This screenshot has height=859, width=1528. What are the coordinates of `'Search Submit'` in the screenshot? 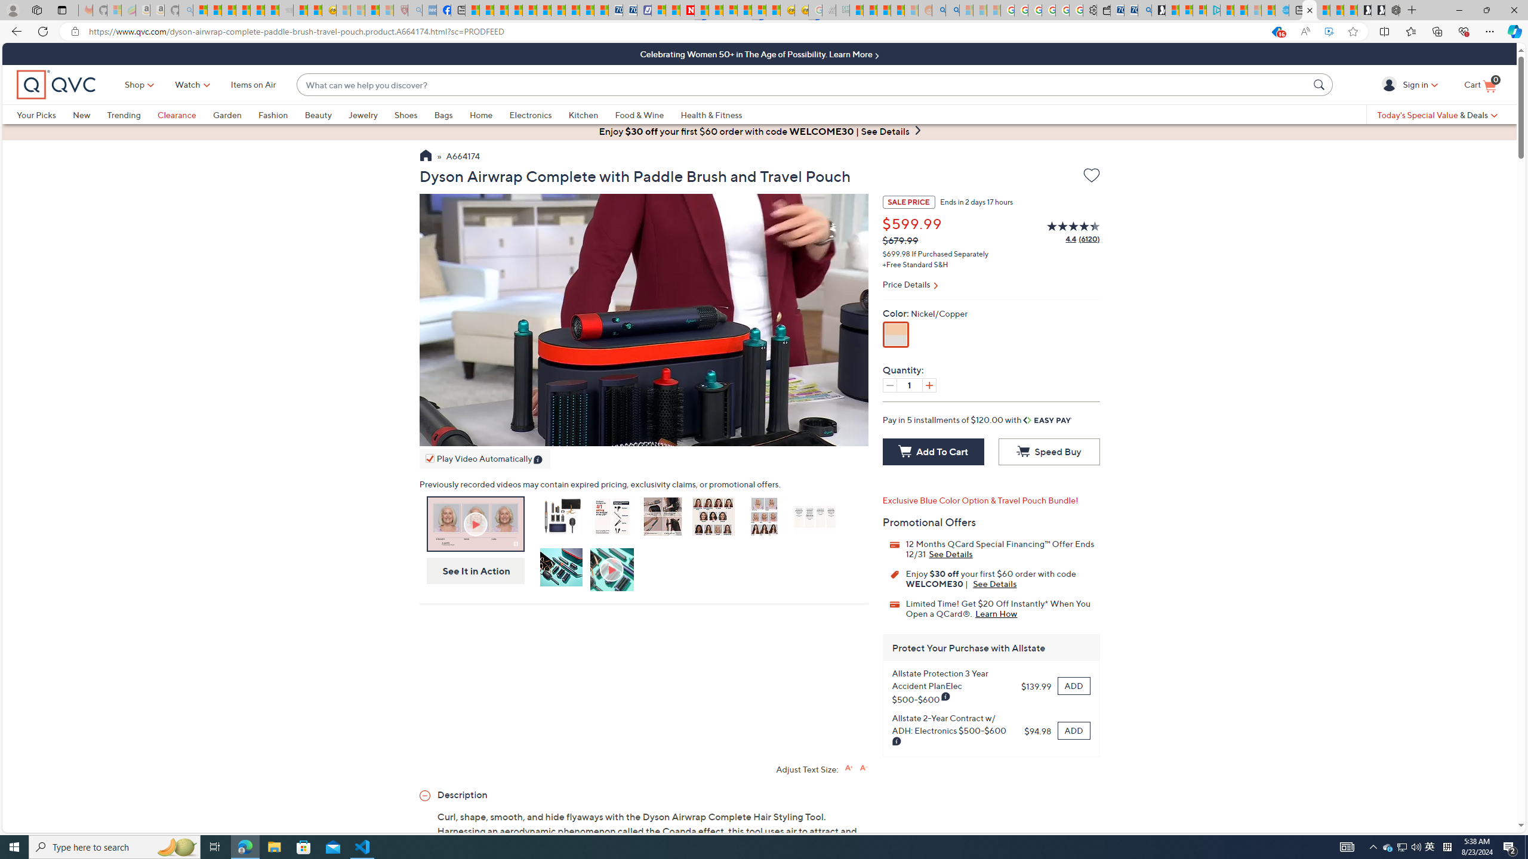 It's located at (1321, 84).